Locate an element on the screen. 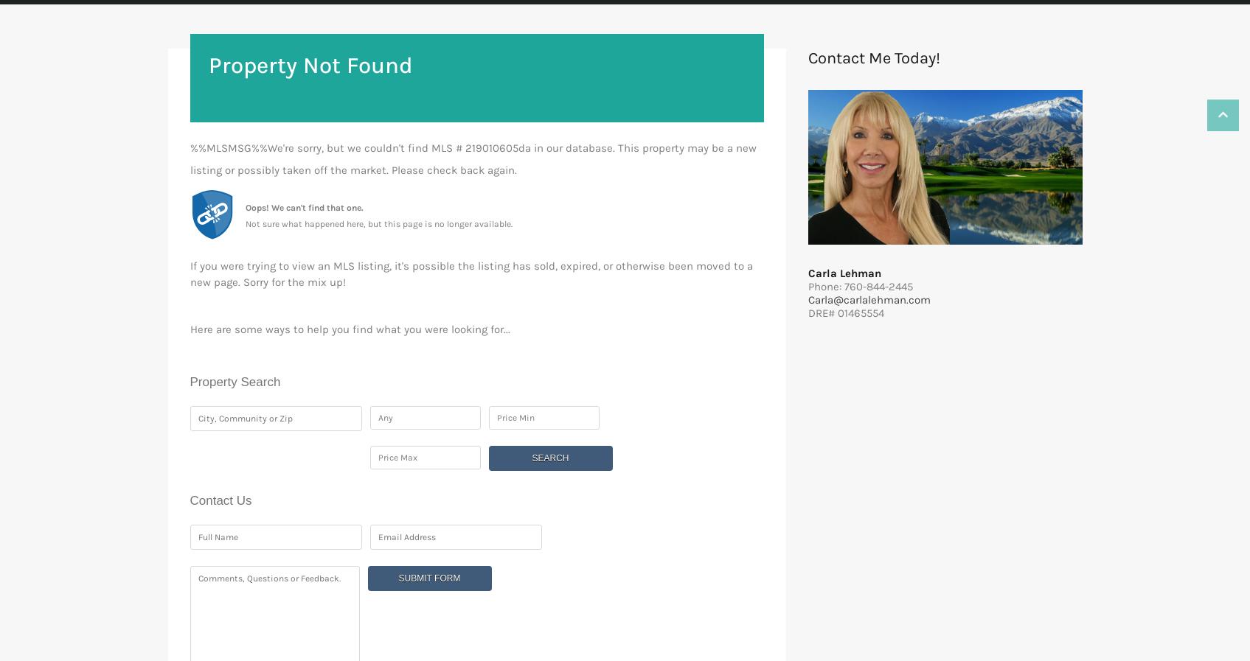  '%%MLSMSG%%We're sorry, but we couldn't find MLS # 219010605da in our database. This property may be a new listing or possibly taken off the market. Please check back again.' is located at coordinates (472, 158).